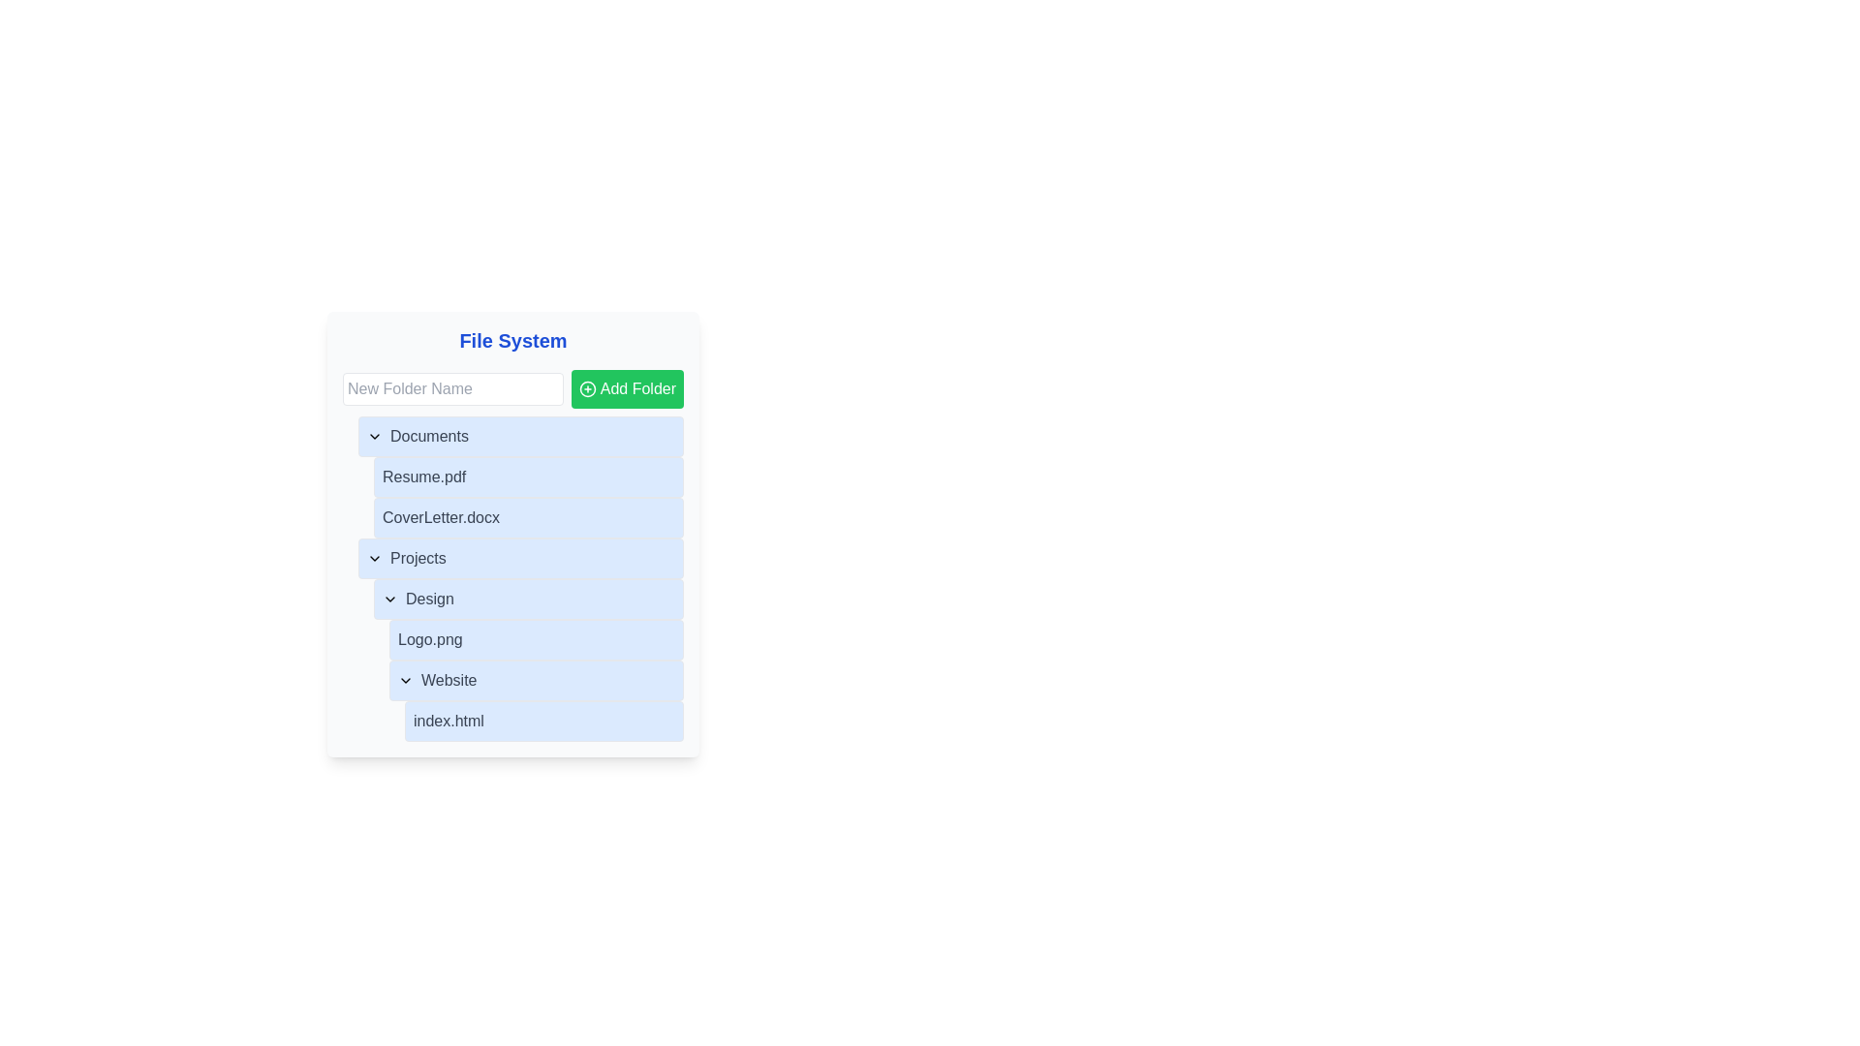 This screenshot has height=1046, width=1860. What do you see at coordinates (389, 598) in the screenshot?
I see `the collapsible SVG icon located to the left of the 'Design' folder title` at bounding box center [389, 598].